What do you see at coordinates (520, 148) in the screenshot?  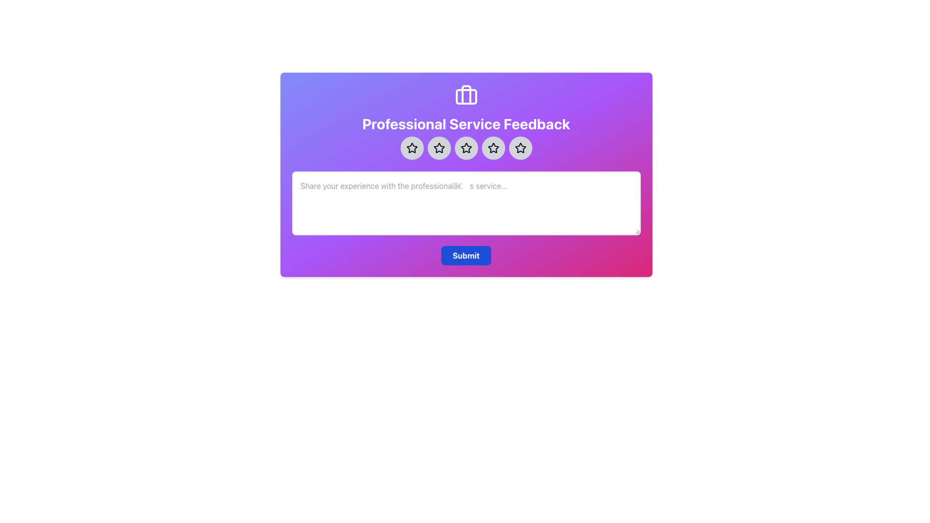 I see `the fifth star-shaped button with a gray background` at bounding box center [520, 148].